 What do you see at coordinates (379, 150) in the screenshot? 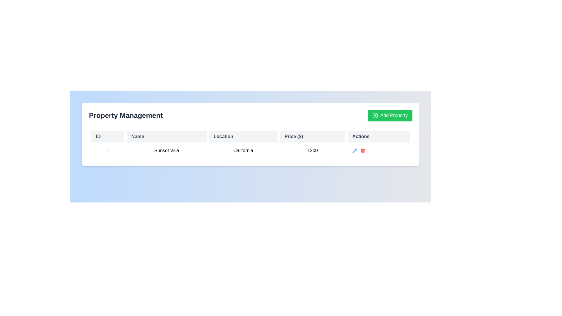
I see `the action buttons and icons in the rightmost column of the first row in the table` at bounding box center [379, 150].